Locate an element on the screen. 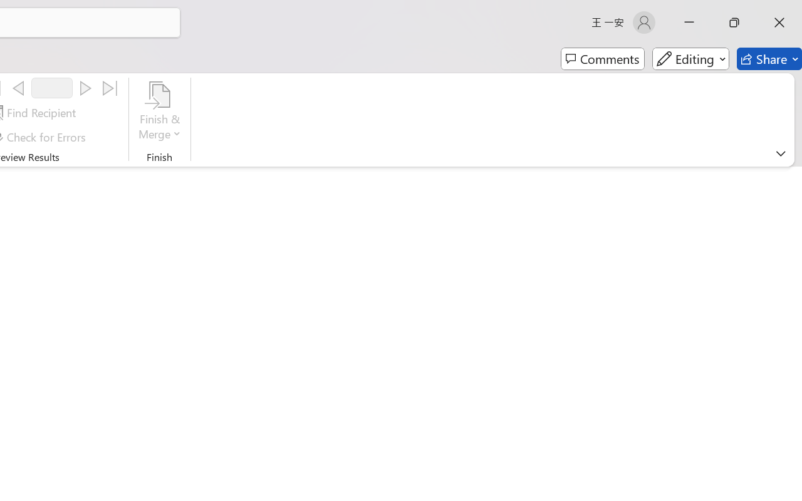 This screenshot has width=802, height=501. 'Editing' is located at coordinates (690, 59).